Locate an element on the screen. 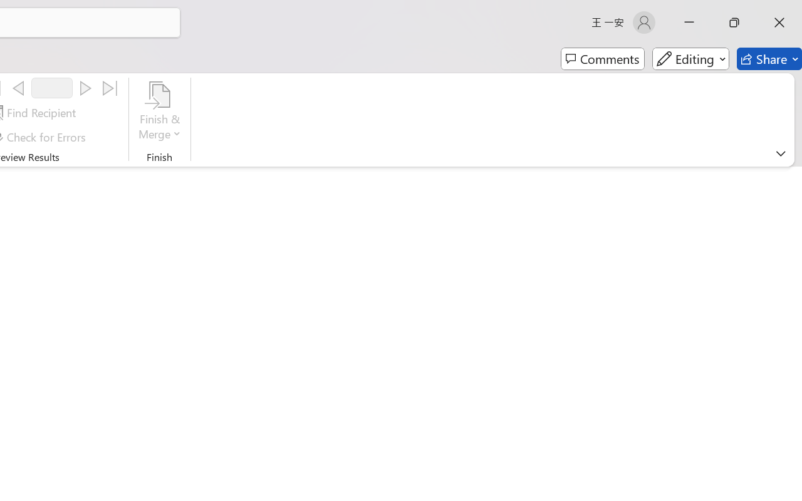 This screenshot has width=802, height=501. 'Editing' is located at coordinates (690, 59).